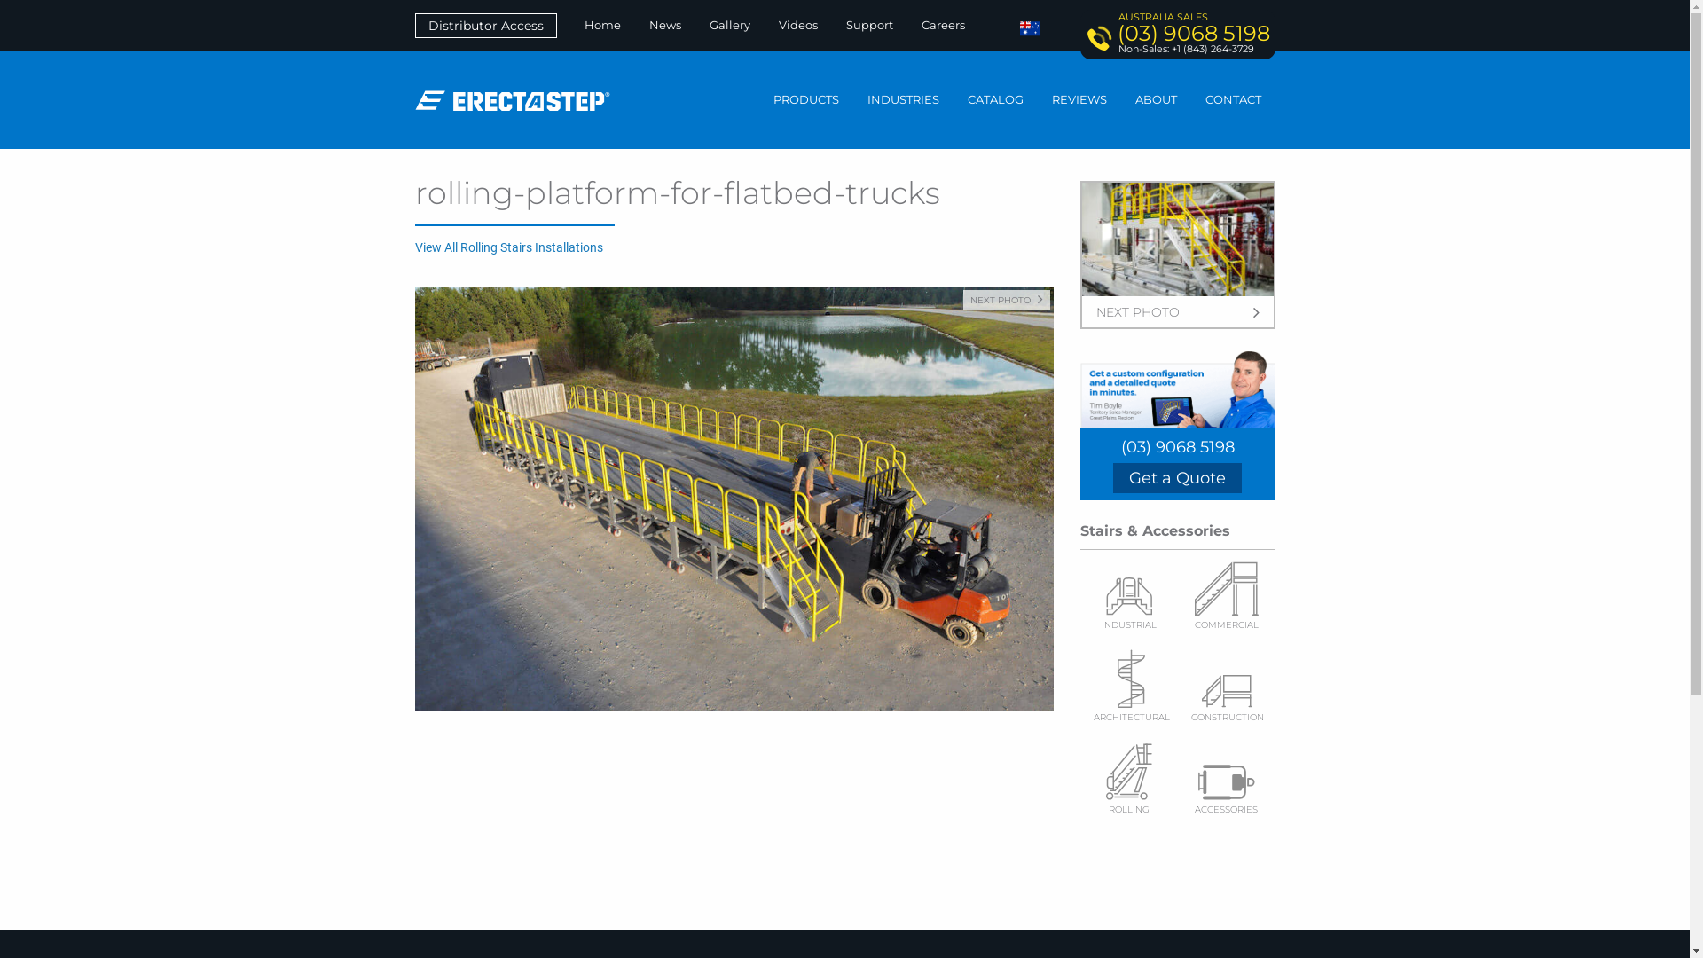 The width and height of the screenshot is (1703, 958). Describe the element at coordinates (1156, 99) in the screenshot. I see `'ABOUT'` at that location.